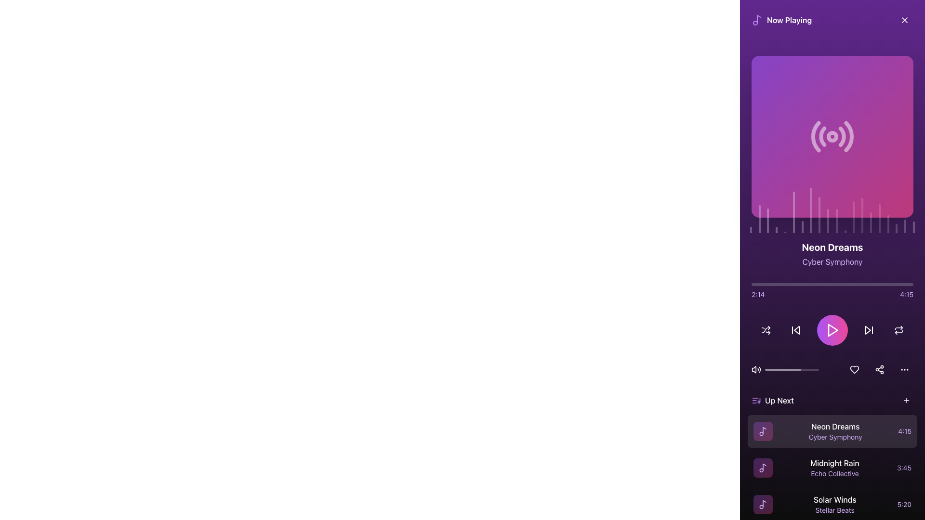 Image resolution: width=925 pixels, height=520 pixels. What do you see at coordinates (772, 401) in the screenshot?
I see `the text label for the 'Up Next' section, which indicates upcoming media items in a playlist or queue` at bounding box center [772, 401].